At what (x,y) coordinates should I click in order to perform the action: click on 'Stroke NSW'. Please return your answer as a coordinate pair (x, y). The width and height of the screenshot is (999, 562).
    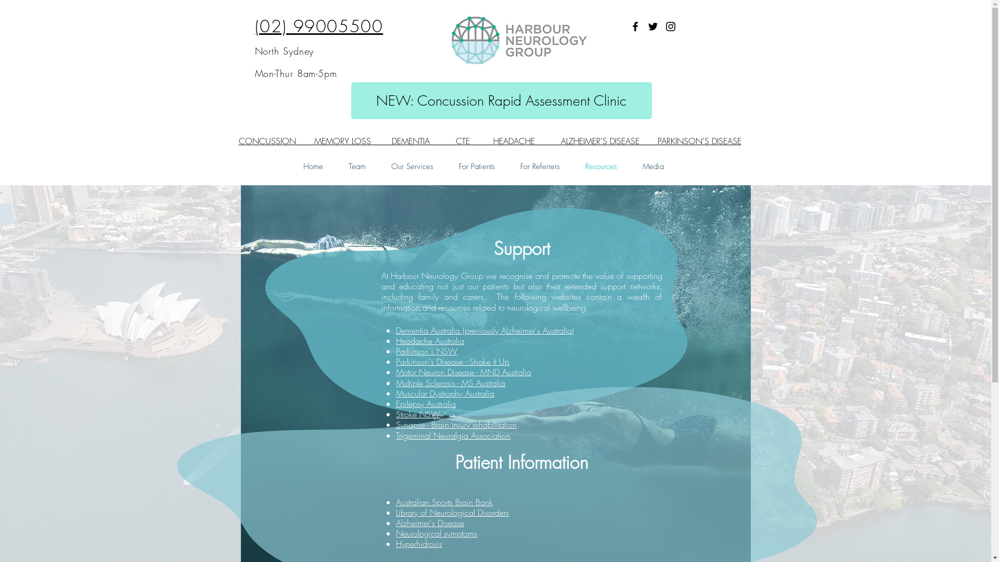
    Looking at the image, I should click on (418, 413).